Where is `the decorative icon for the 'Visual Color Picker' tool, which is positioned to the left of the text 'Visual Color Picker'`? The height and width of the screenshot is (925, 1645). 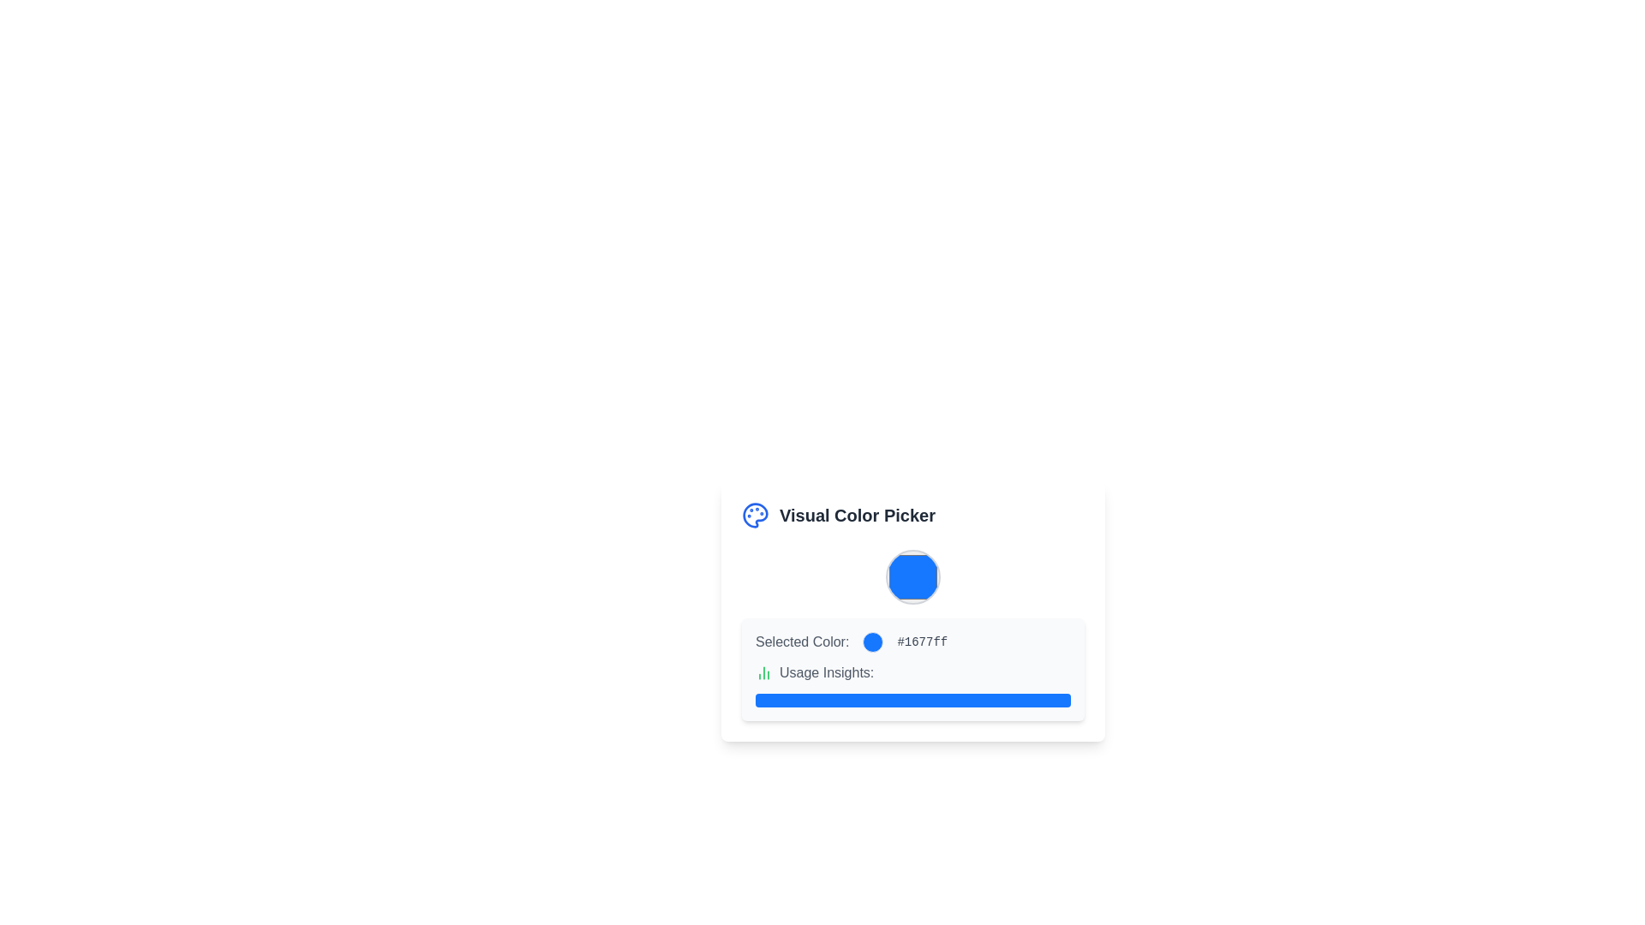 the decorative icon for the 'Visual Color Picker' tool, which is positioned to the left of the text 'Visual Color Picker' is located at coordinates (755, 514).